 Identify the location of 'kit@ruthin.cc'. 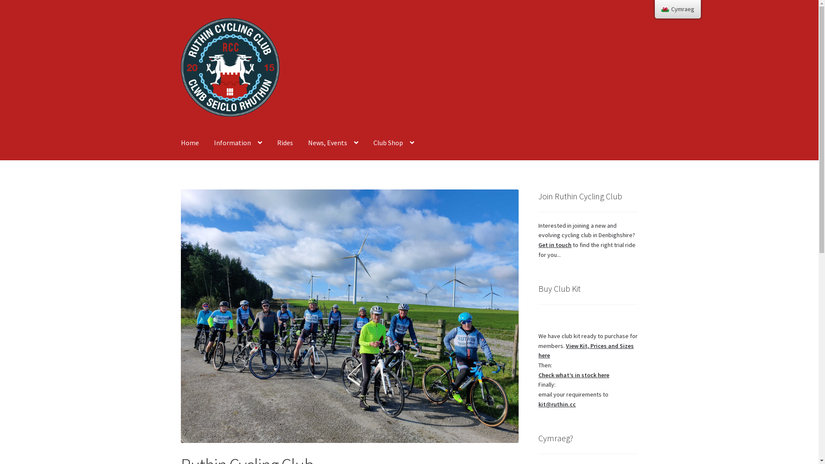
(538, 404).